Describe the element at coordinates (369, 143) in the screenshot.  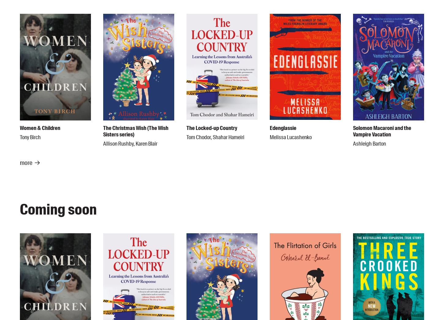
I see `'Ashleigh Barton'` at that location.